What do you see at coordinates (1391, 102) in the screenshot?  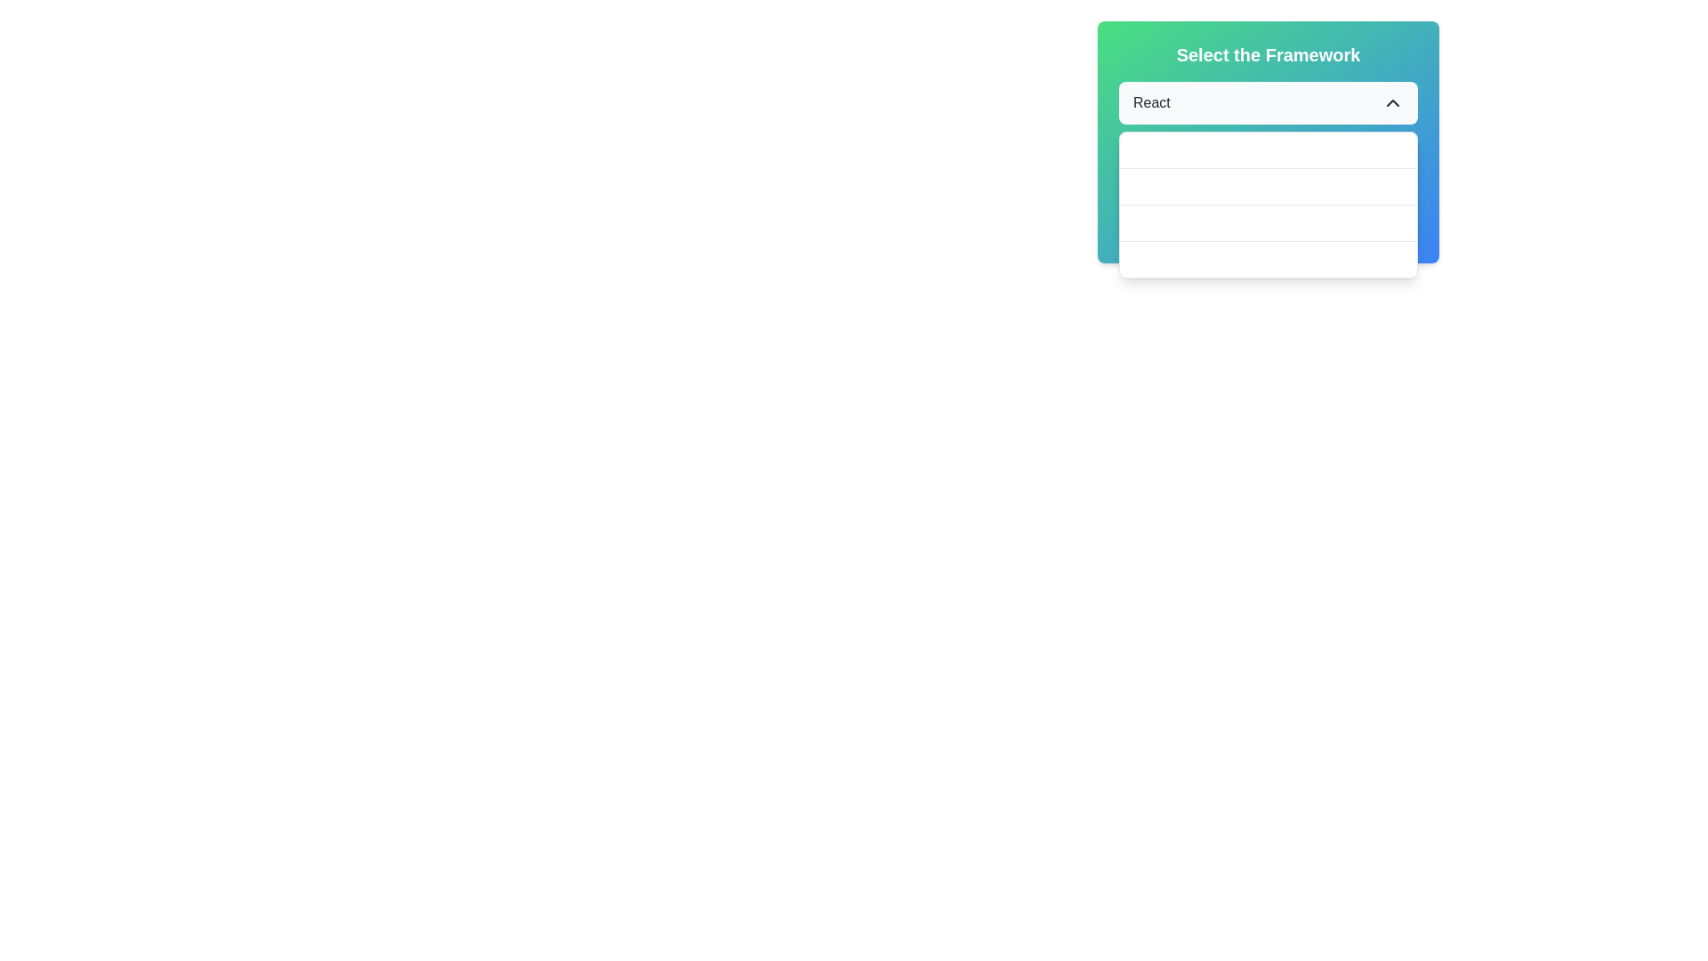 I see `the chevron-shaped upward arrow icon located to the right of the text 'React'` at bounding box center [1391, 102].